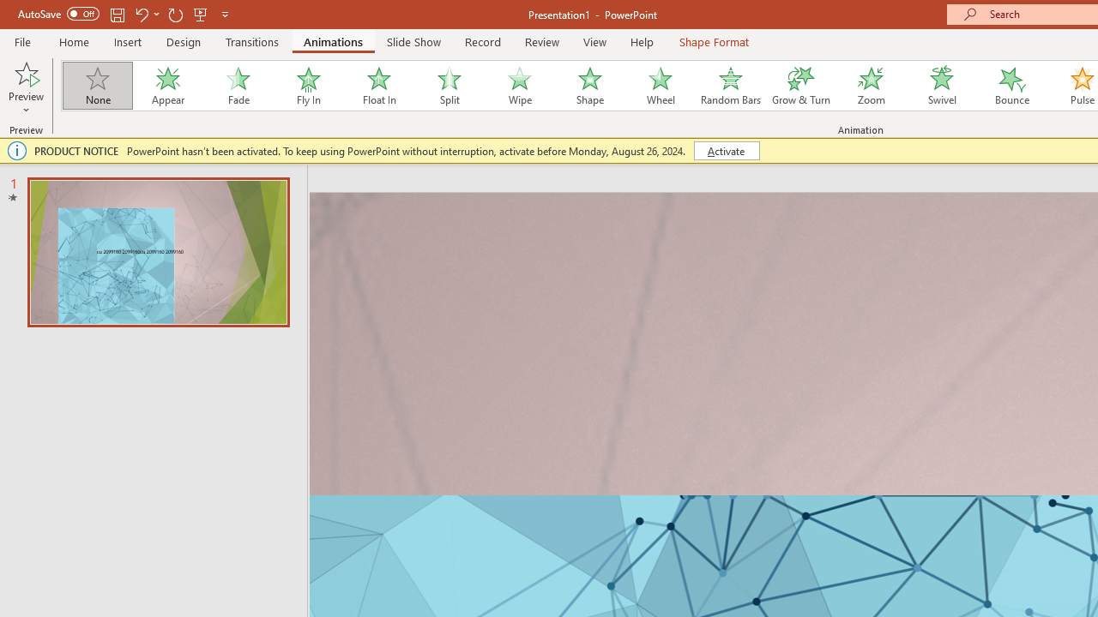 The height and width of the screenshot is (617, 1098). I want to click on 'Split', so click(449, 86).